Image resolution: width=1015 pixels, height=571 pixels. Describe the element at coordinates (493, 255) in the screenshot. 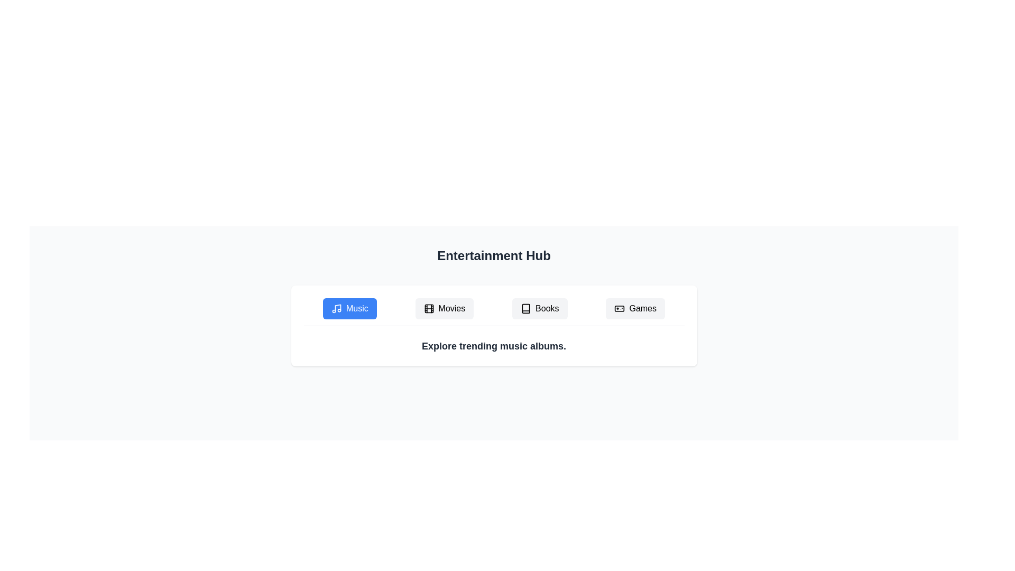

I see `the header text 'Entertainment Hub' to select it` at that location.